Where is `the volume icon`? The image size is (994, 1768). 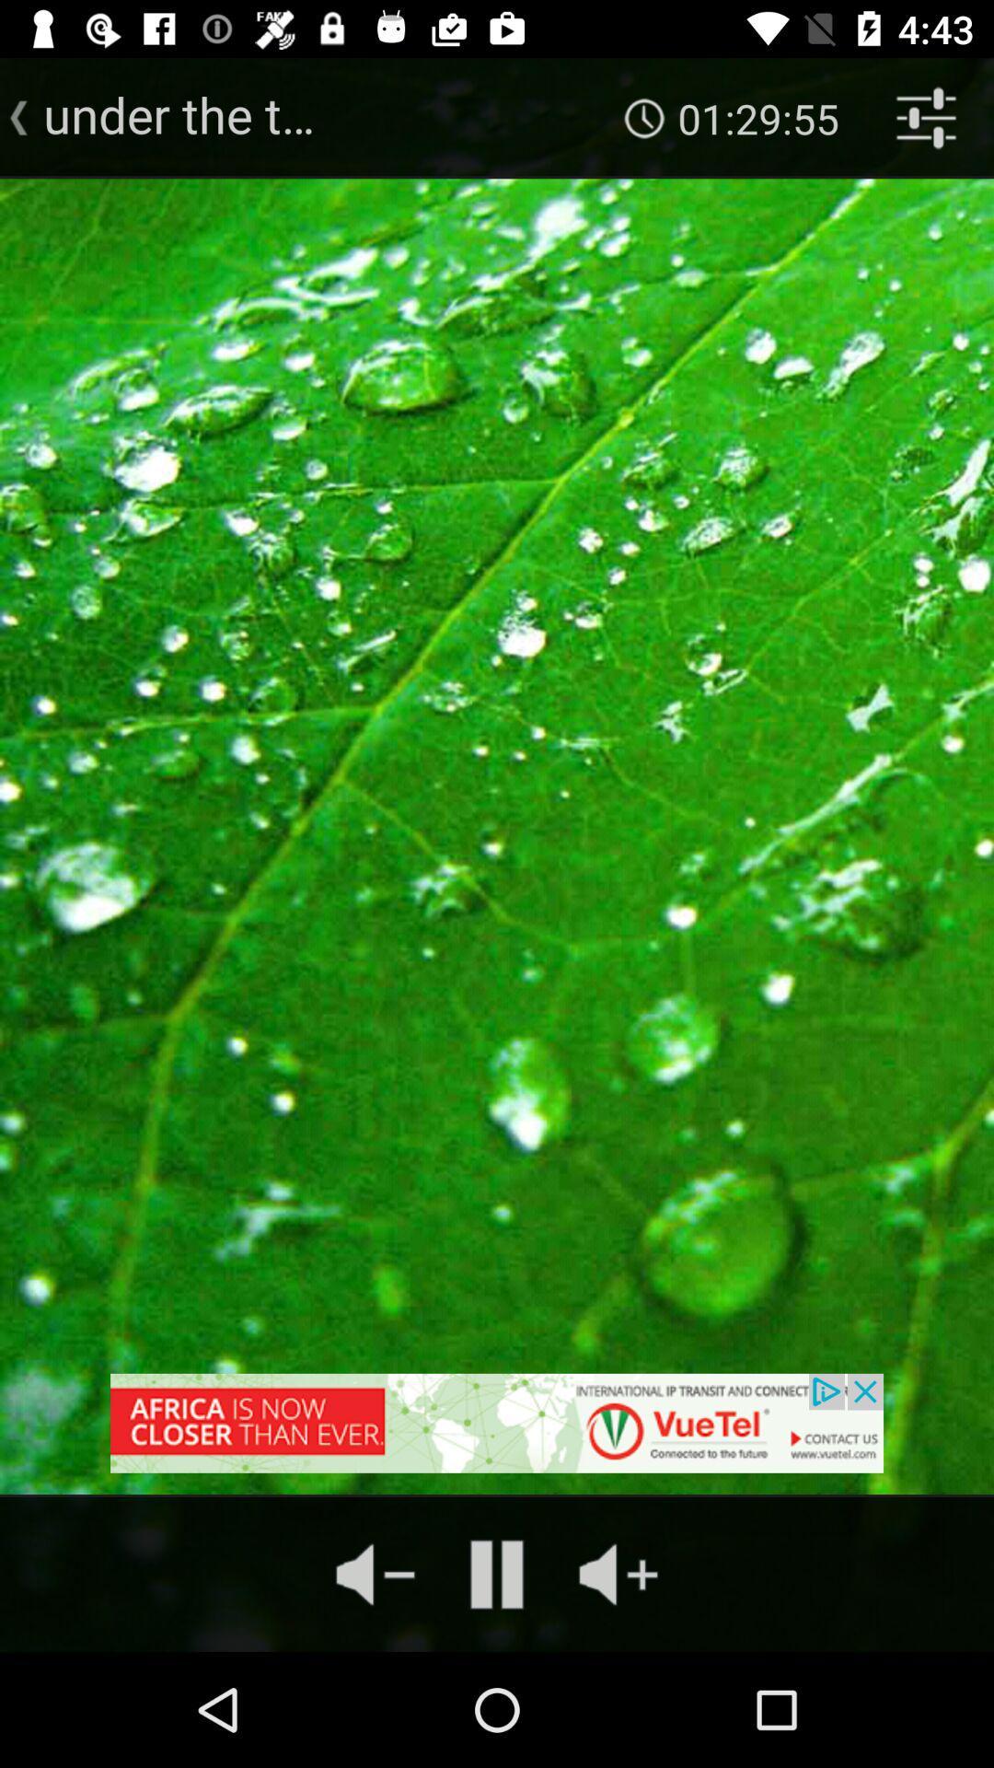 the volume icon is located at coordinates (618, 1573).